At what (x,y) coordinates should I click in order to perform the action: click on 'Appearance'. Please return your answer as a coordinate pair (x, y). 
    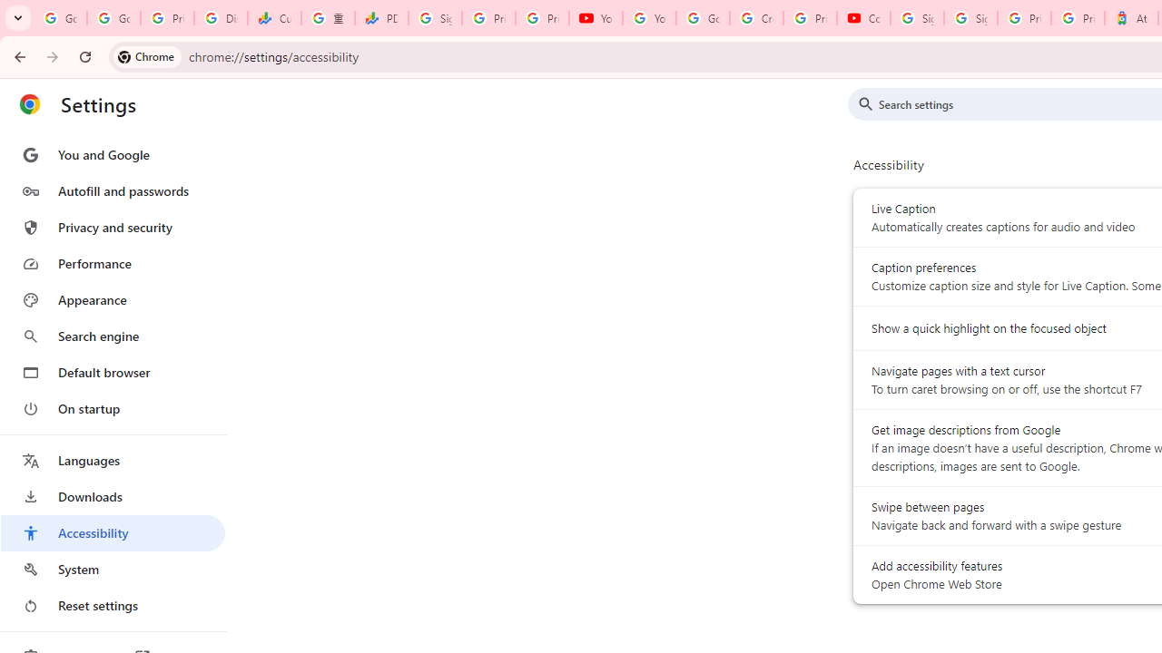
    Looking at the image, I should click on (112, 299).